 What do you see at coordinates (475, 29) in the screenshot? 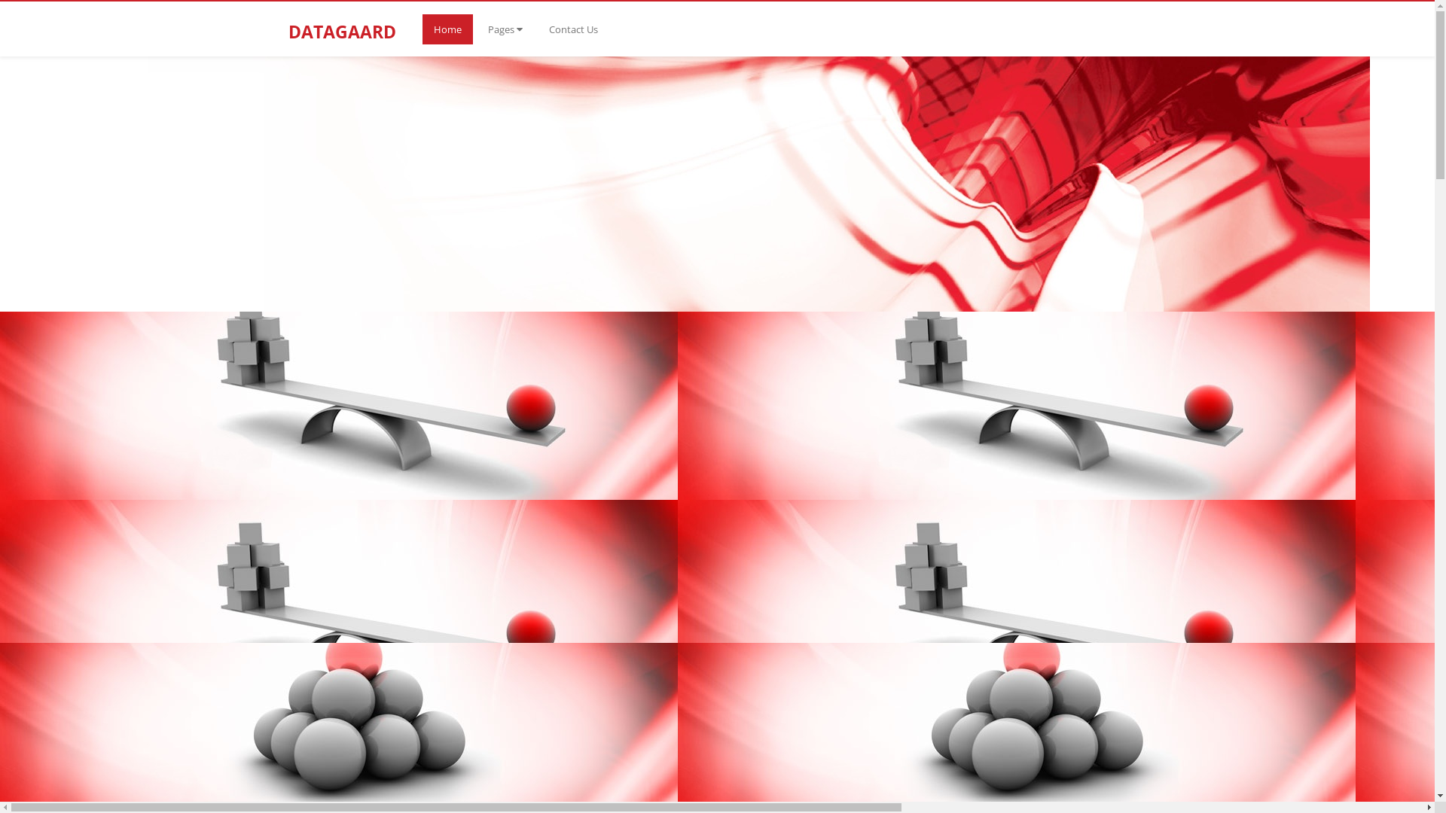
I see `'Pages'` at bounding box center [475, 29].